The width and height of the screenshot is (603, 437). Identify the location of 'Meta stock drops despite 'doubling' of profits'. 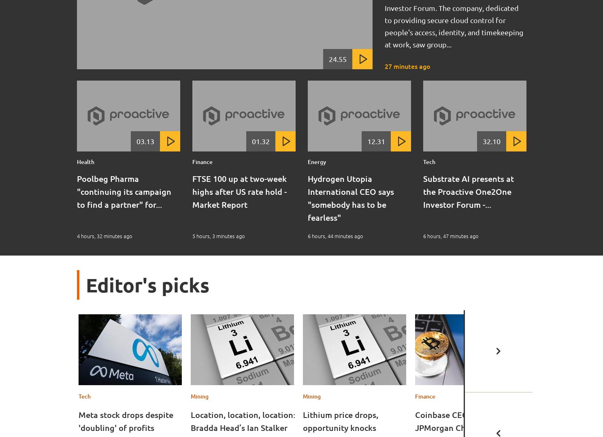
(125, 421).